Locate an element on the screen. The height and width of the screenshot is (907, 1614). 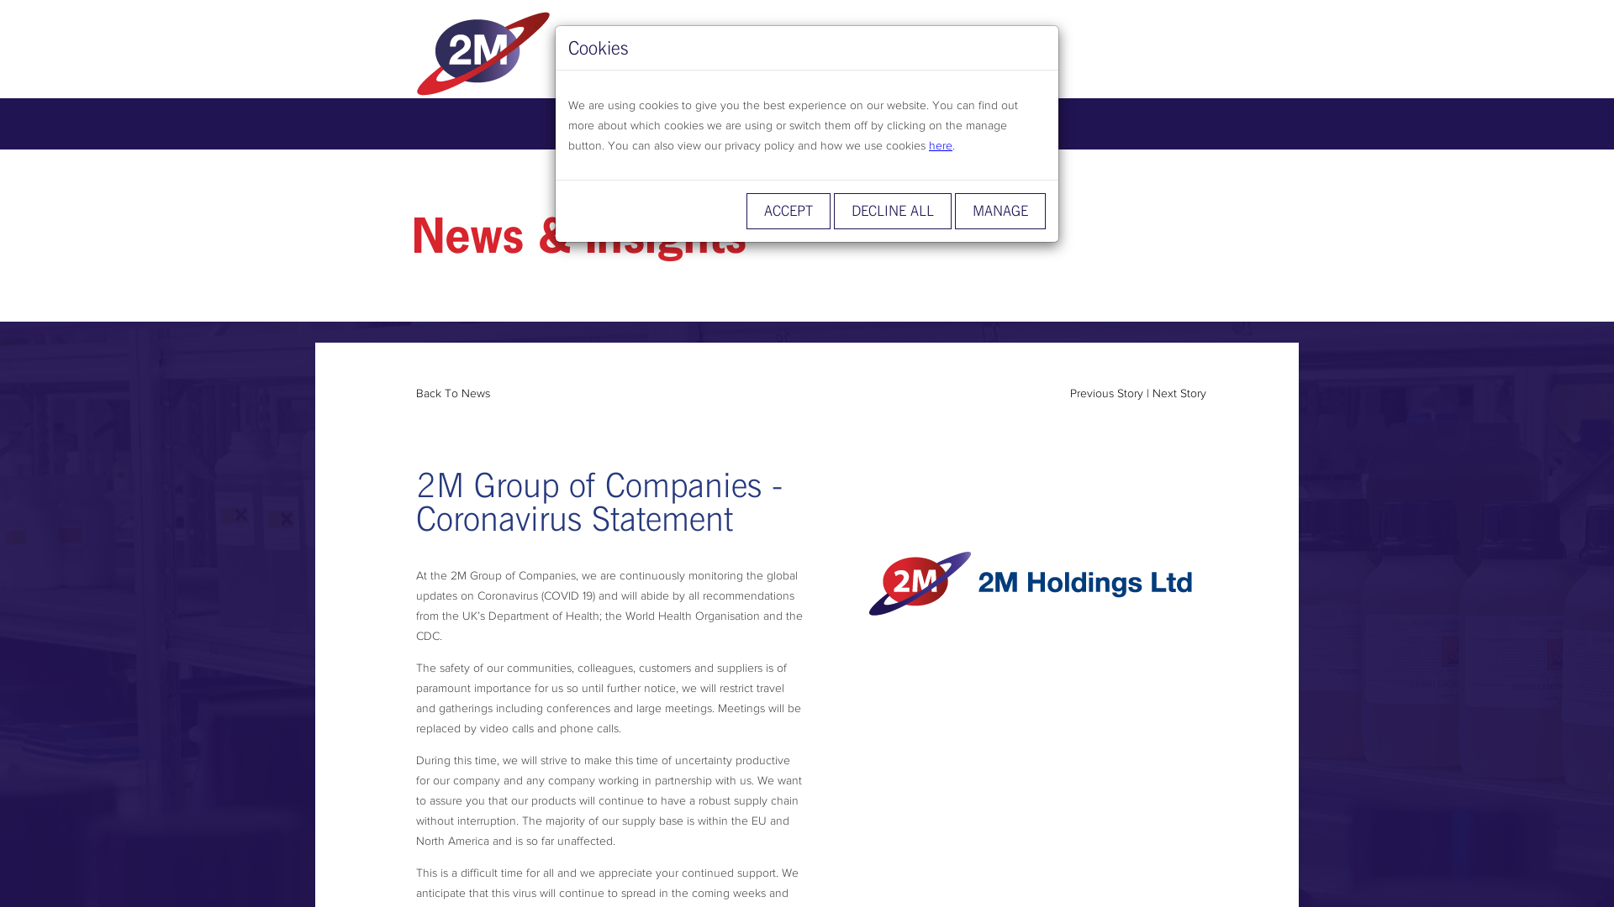
'DECLINE ALL' is located at coordinates (891, 210).